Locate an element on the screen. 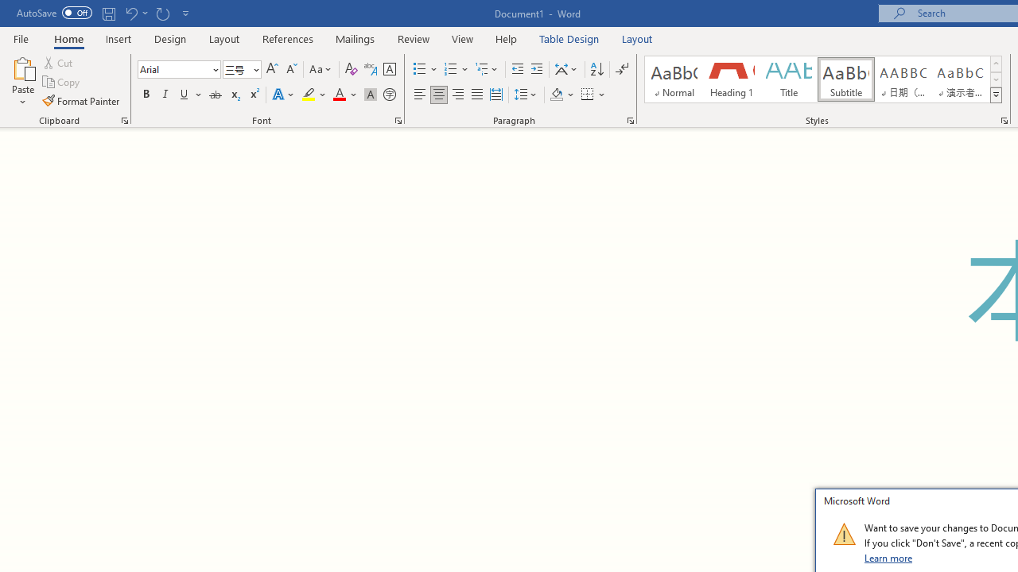 The image size is (1018, 572). 'Align Right' is located at coordinates (457, 95).